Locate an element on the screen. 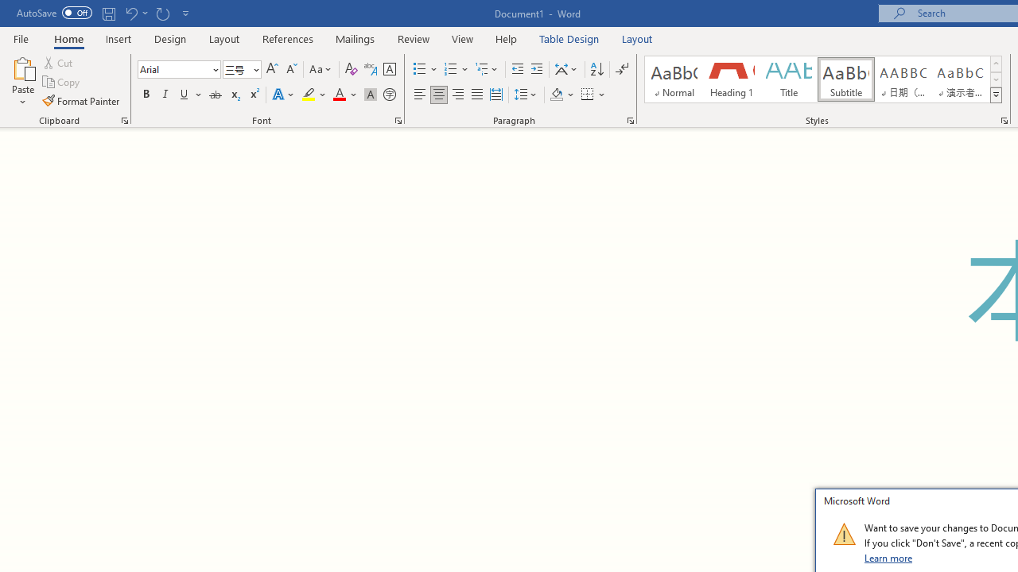 The image size is (1018, 572). 'Align Right' is located at coordinates (457, 95).